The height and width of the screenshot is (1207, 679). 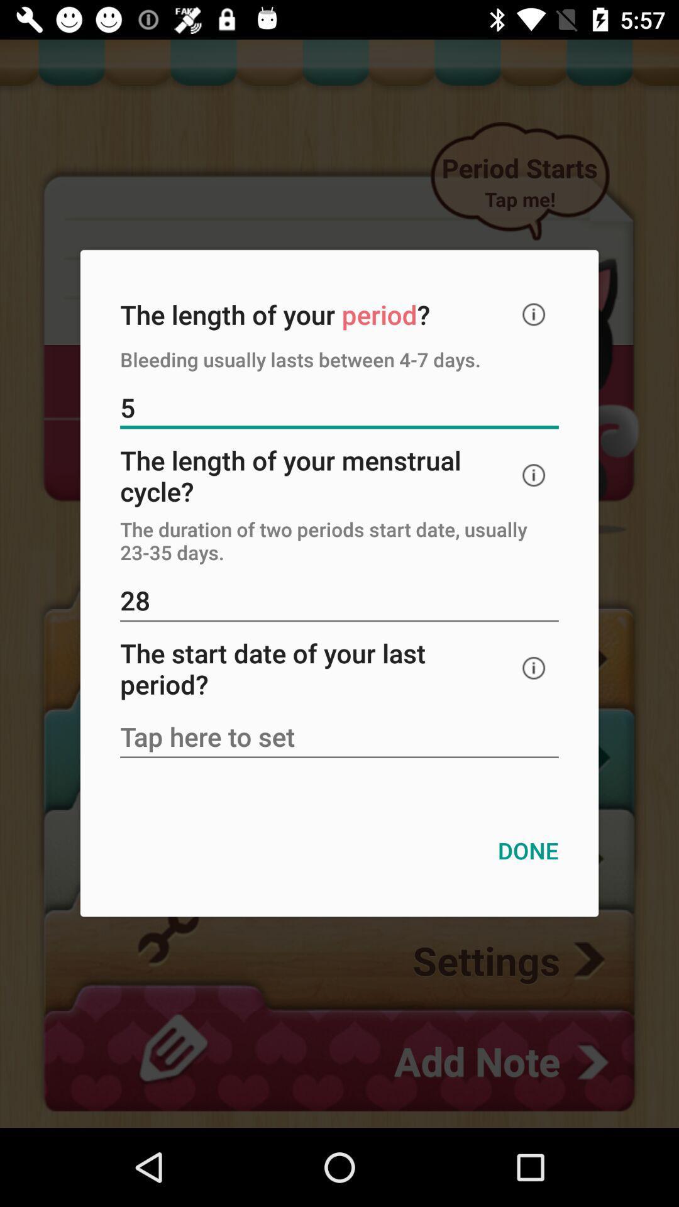 I want to click on the icon below the 5, so click(x=534, y=475).